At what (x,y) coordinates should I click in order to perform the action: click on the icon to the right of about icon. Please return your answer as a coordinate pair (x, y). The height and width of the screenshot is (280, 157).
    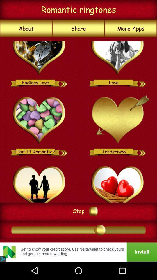
    Looking at the image, I should click on (78, 28).